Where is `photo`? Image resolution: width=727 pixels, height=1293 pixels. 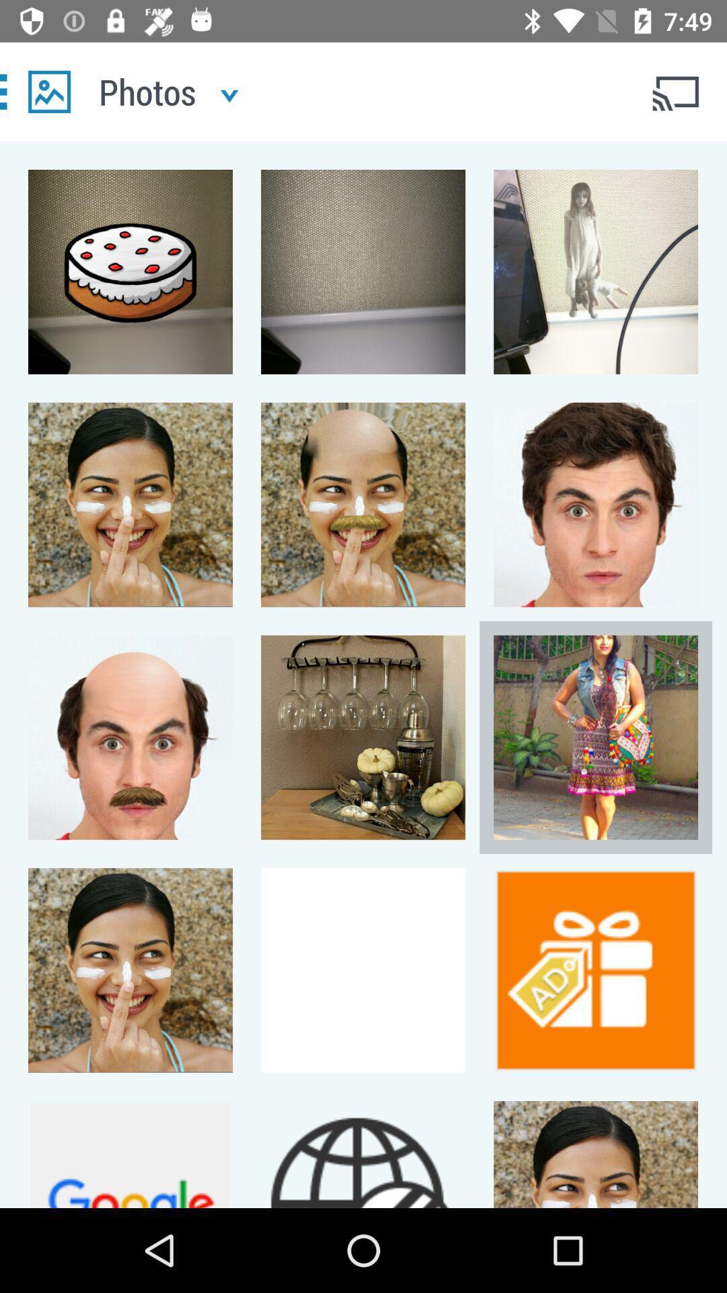 photo is located at coordinates (48, 91).